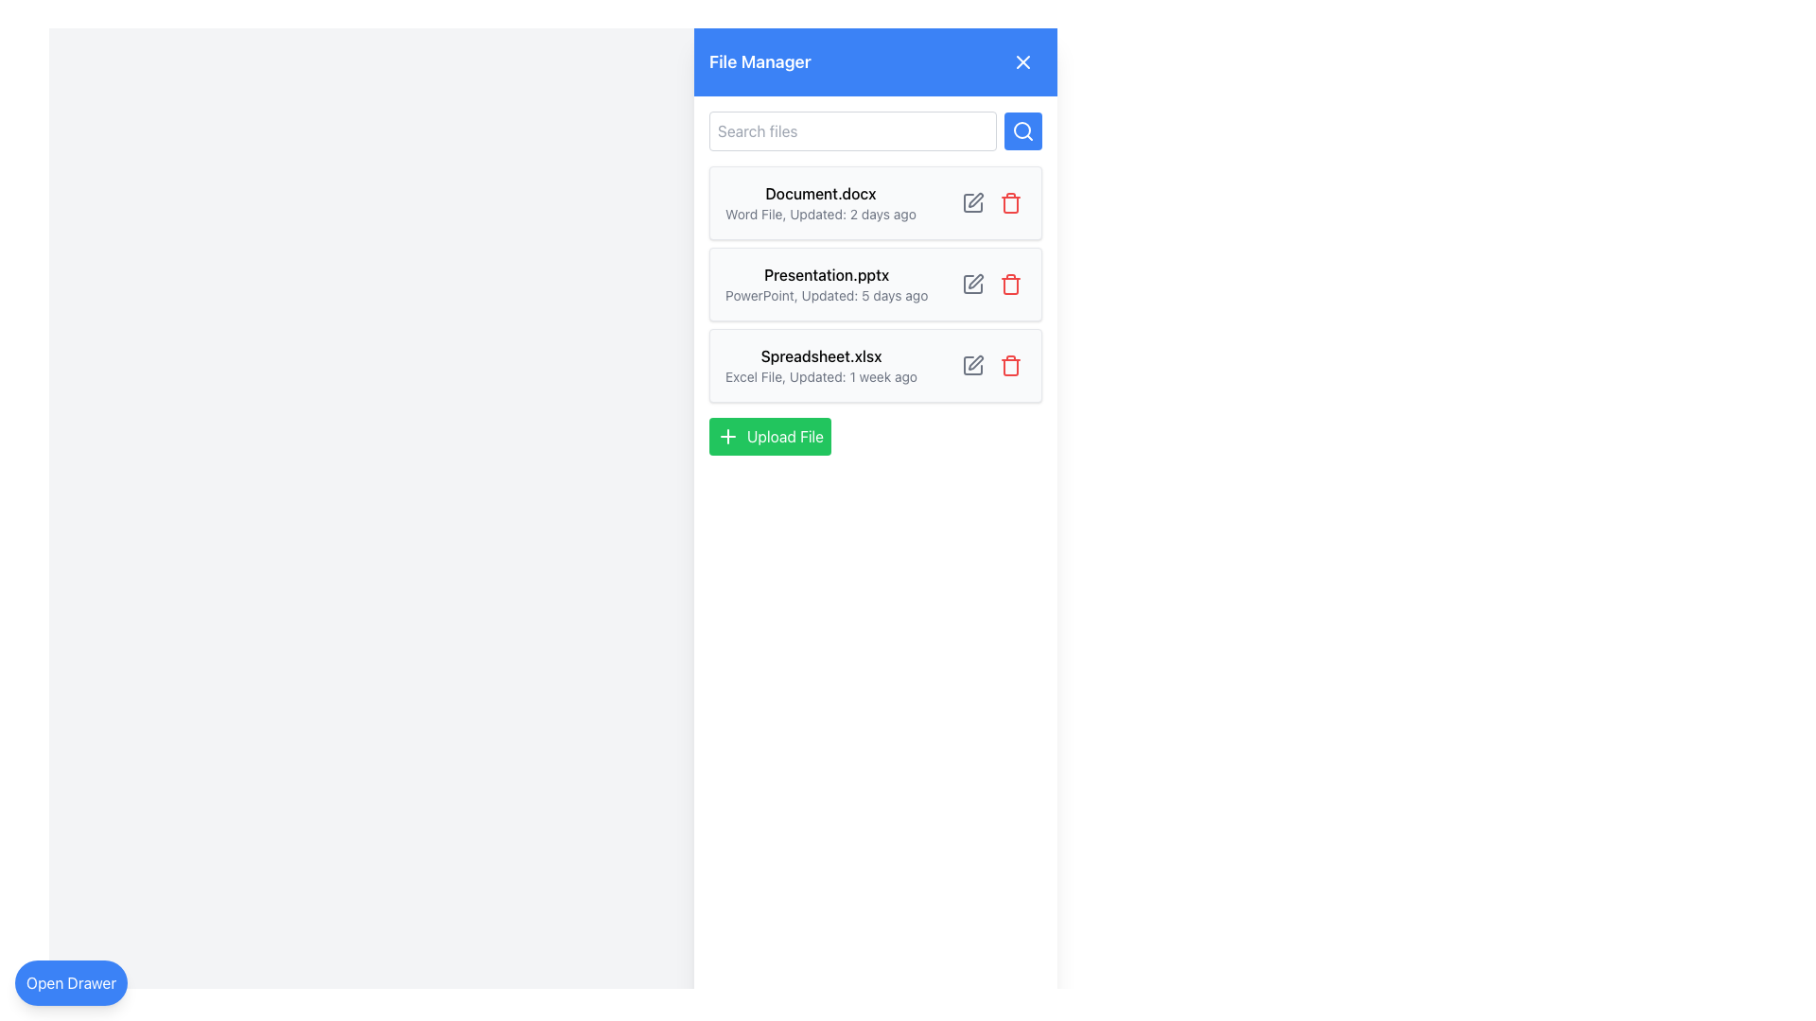 Image resolution: width=1816 pixels, height=1021 pixels. Describe the element at coordinates (770, 437) in the screenshot. I see `the upload button located at the bottom of the file list in the File Manager interface to observe styling changes` at that location.